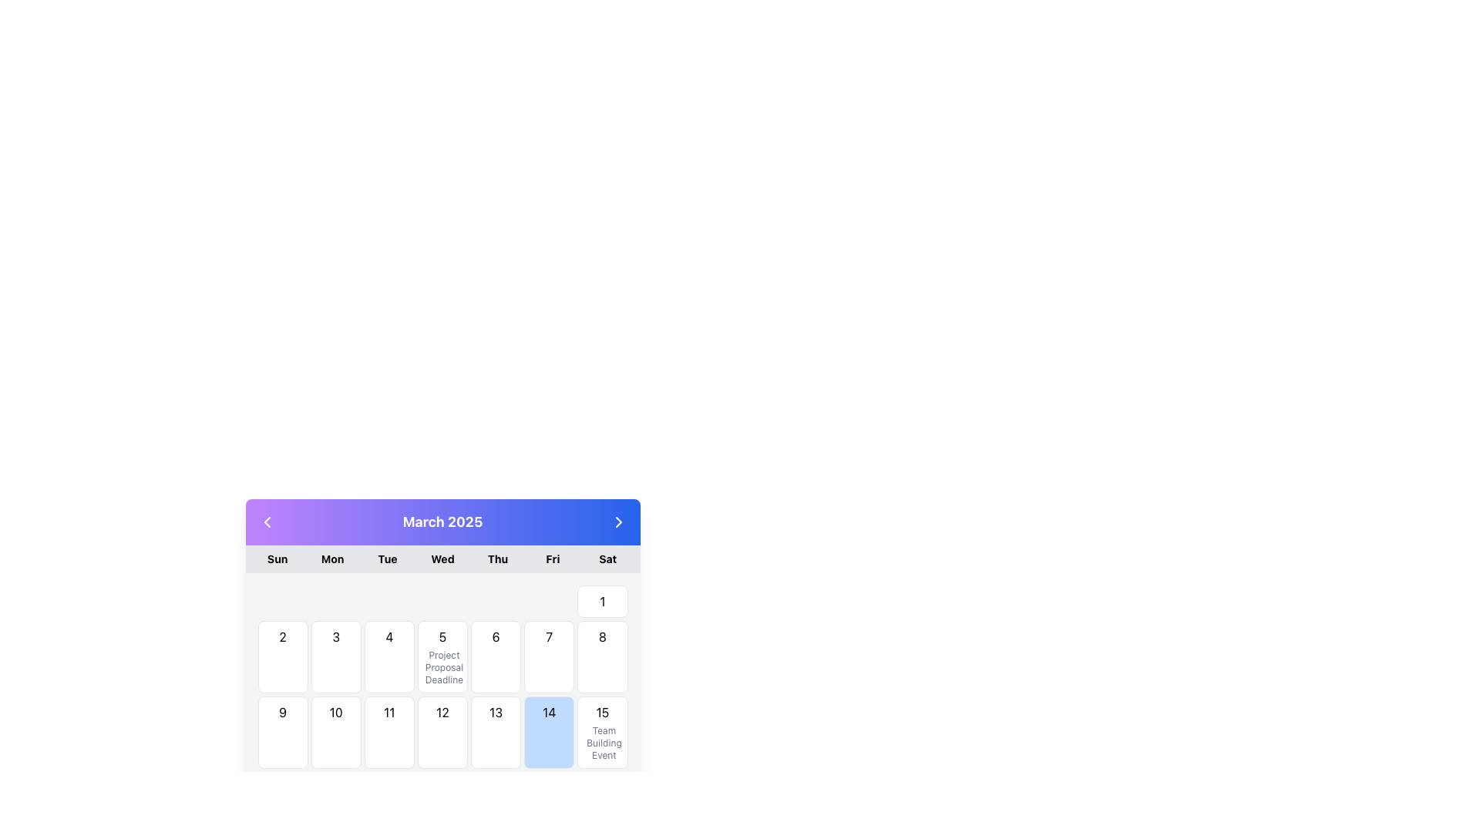 The width and height of the screenshot is (1480, 832). I want to click on the calendar cell displaying '5' with the text 'Project Proposal Deadline', so click(442, 656).